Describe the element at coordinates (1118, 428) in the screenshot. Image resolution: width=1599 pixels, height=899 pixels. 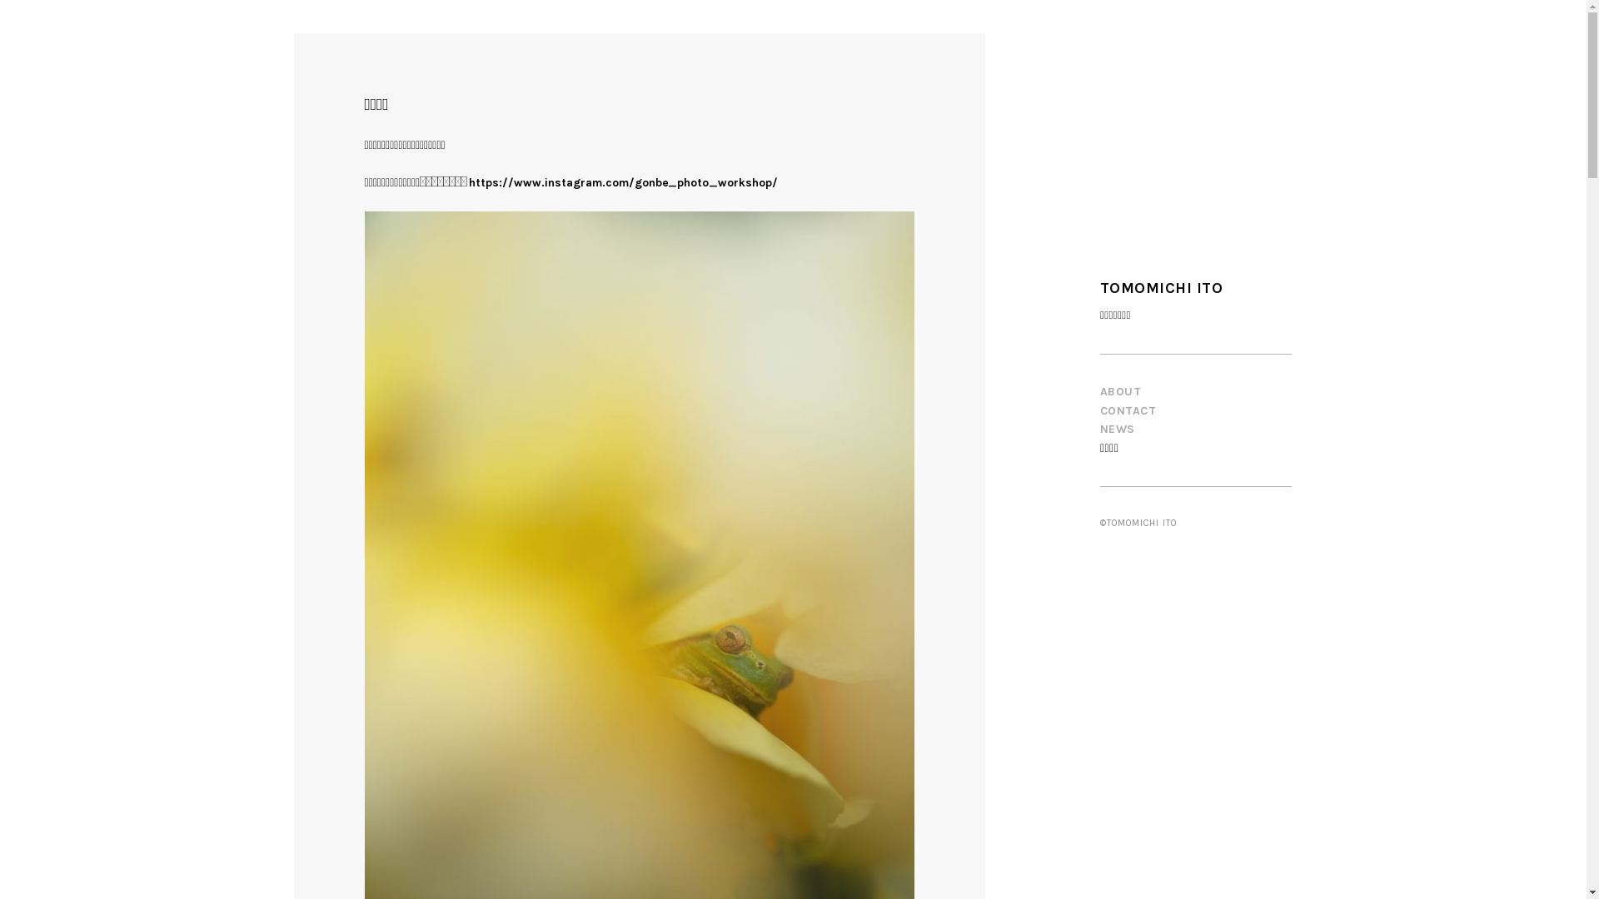
I see `'NEWS'` at that location.